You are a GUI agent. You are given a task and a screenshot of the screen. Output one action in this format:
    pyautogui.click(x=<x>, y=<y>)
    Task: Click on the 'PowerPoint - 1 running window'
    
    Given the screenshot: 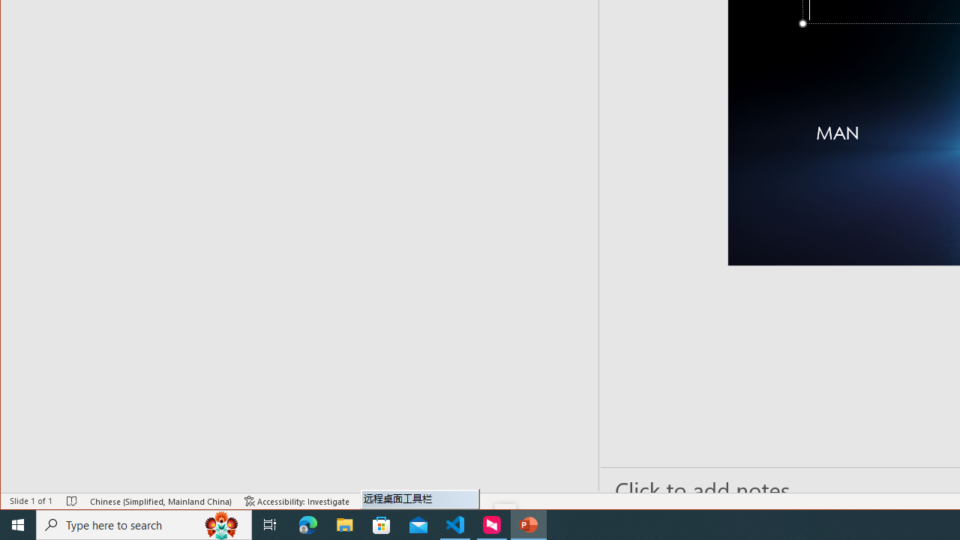 What is the action you would take?
    pyautogui.click(x=529, y=523)
    